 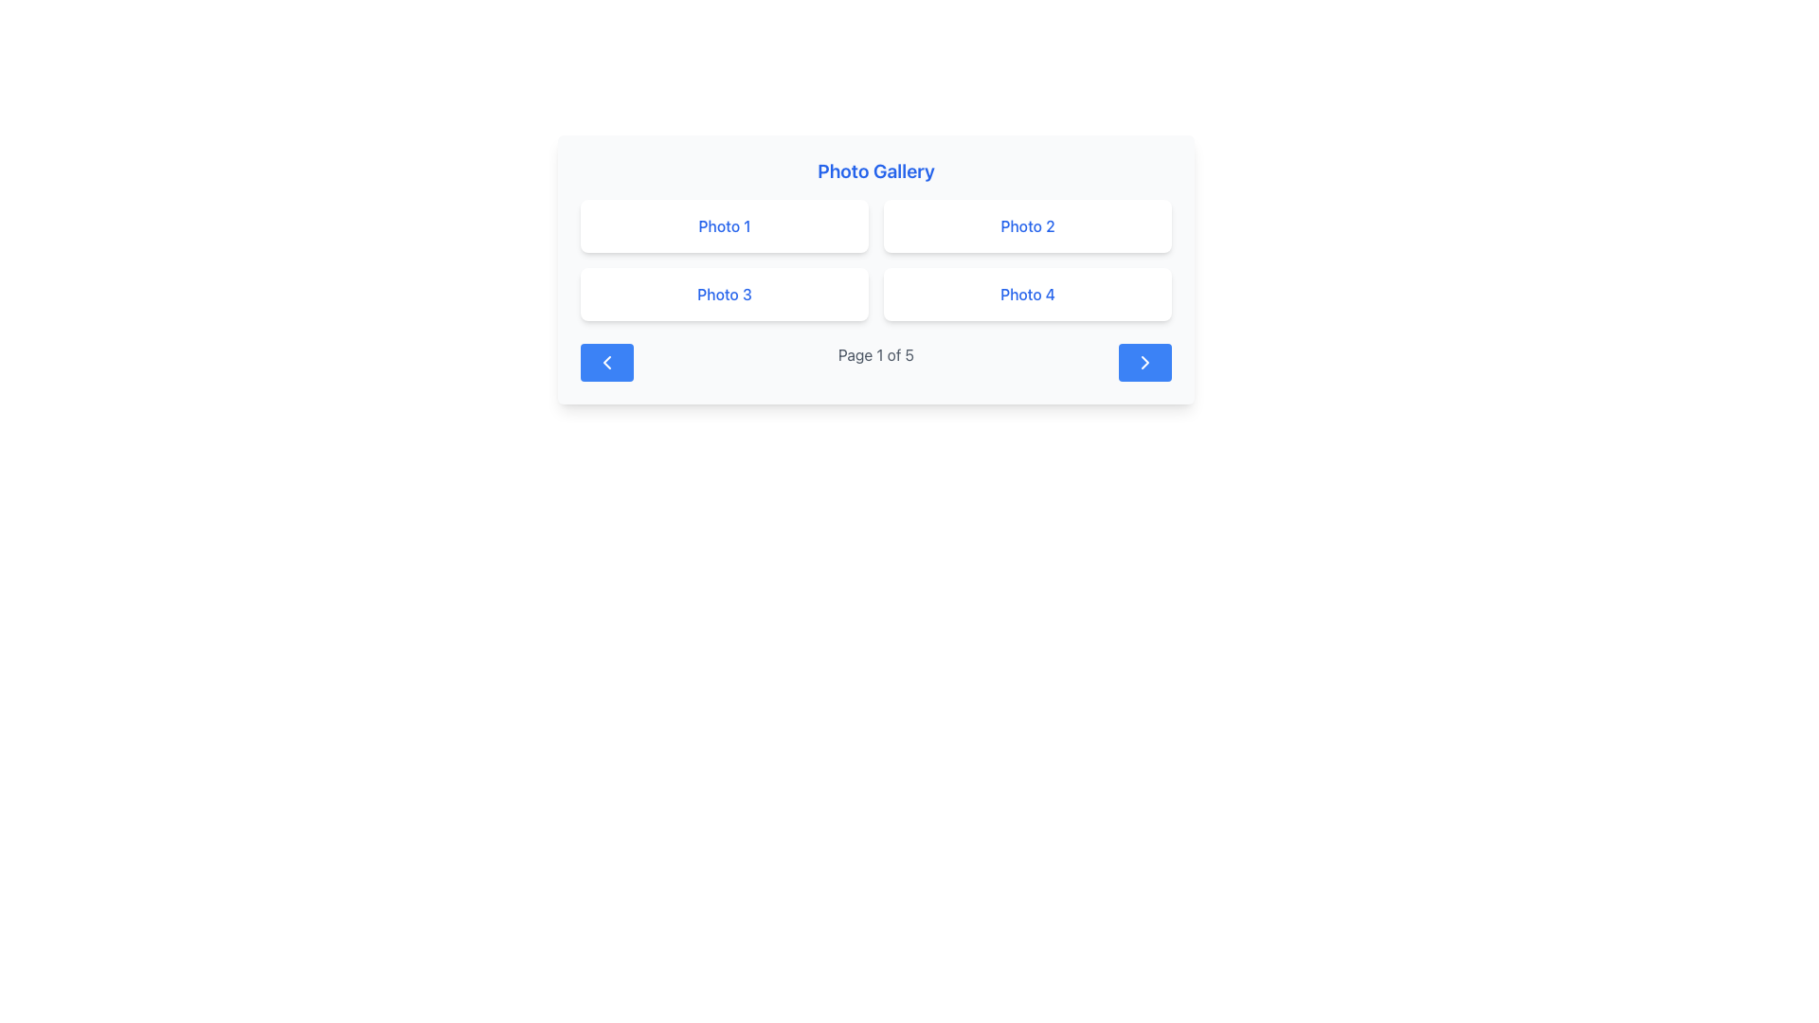 I want to click on the left-pointing chevron icon located in the central position of the navigation button under the photo gallery section, so click(x=607, y=362).